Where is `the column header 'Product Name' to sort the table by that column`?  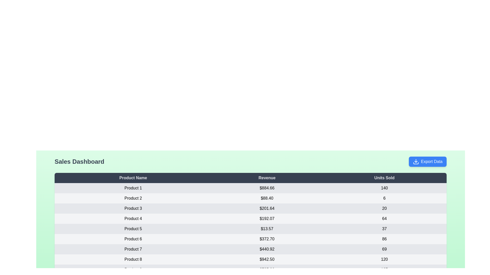
the column header 'Product Name' to sort the table by that column is located at coordinates (133, 177).